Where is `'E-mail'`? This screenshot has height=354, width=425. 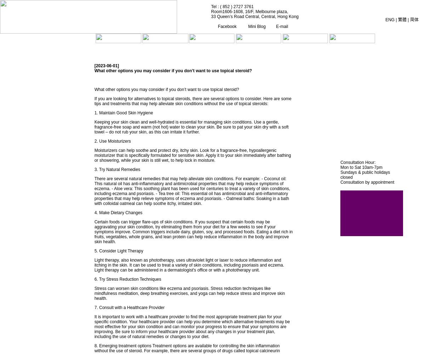
'E-mail' is located at coordinates (274, 26).